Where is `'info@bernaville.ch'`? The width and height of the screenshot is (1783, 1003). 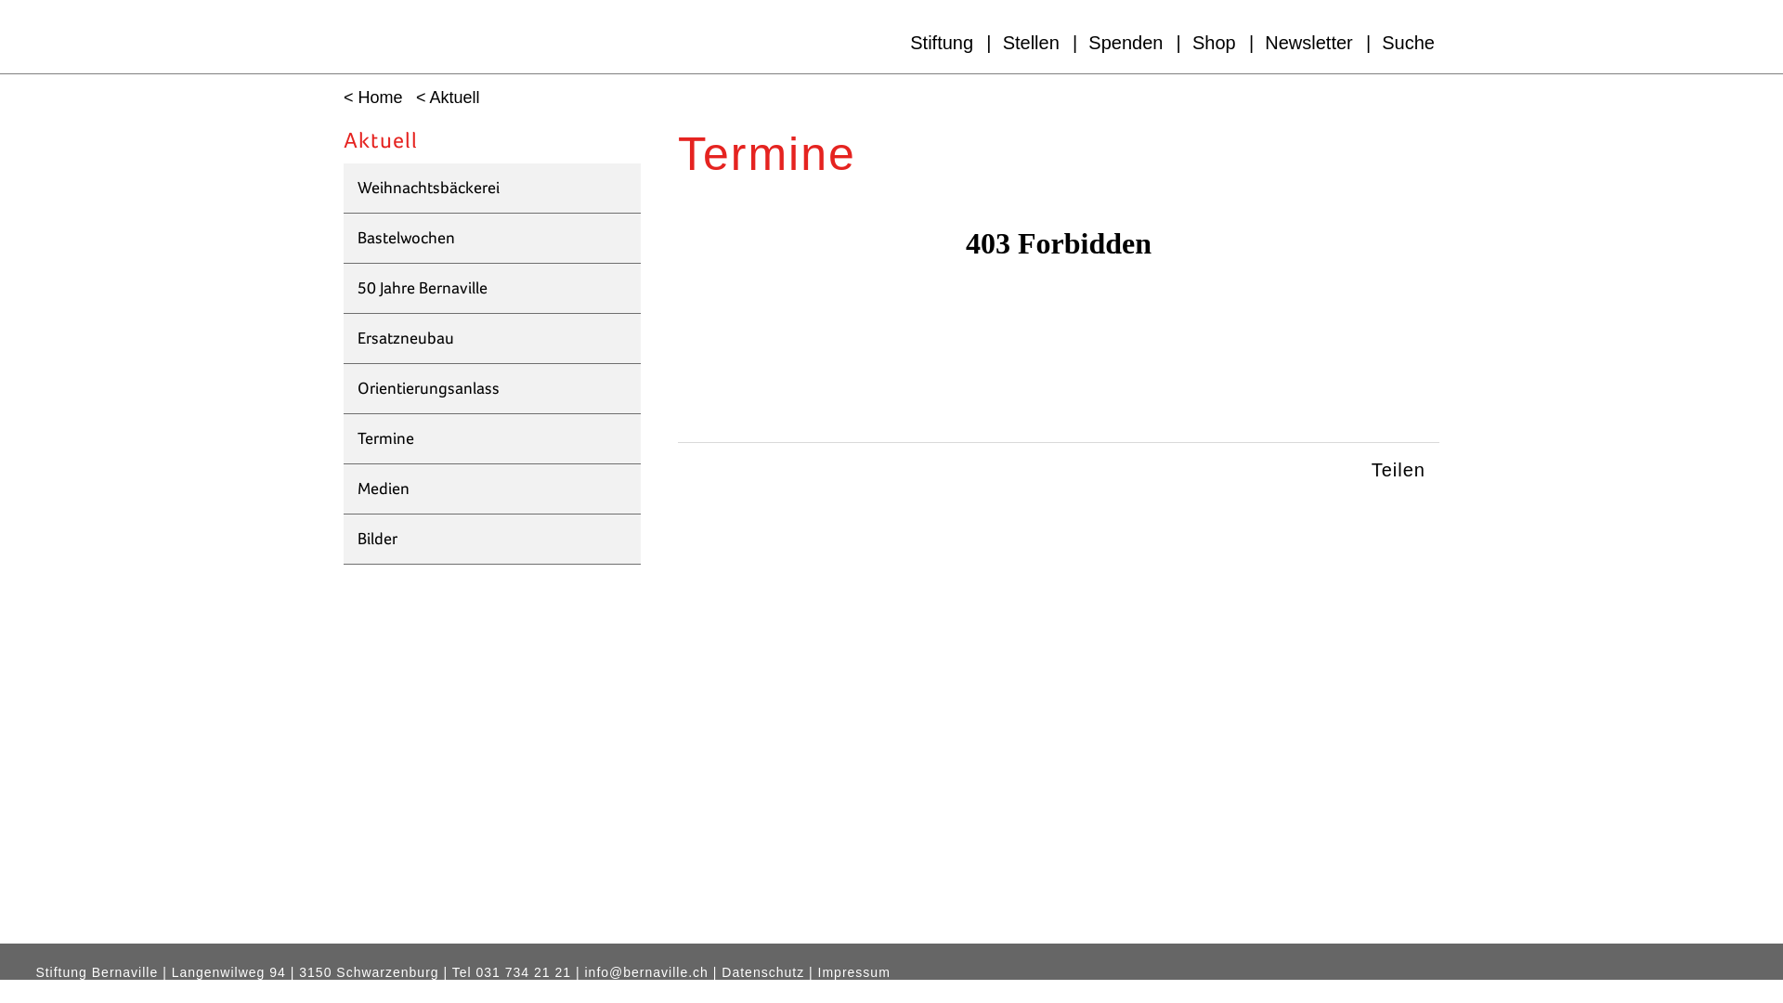 'info@bernaville.ch' is located at coordinates (646, 971).